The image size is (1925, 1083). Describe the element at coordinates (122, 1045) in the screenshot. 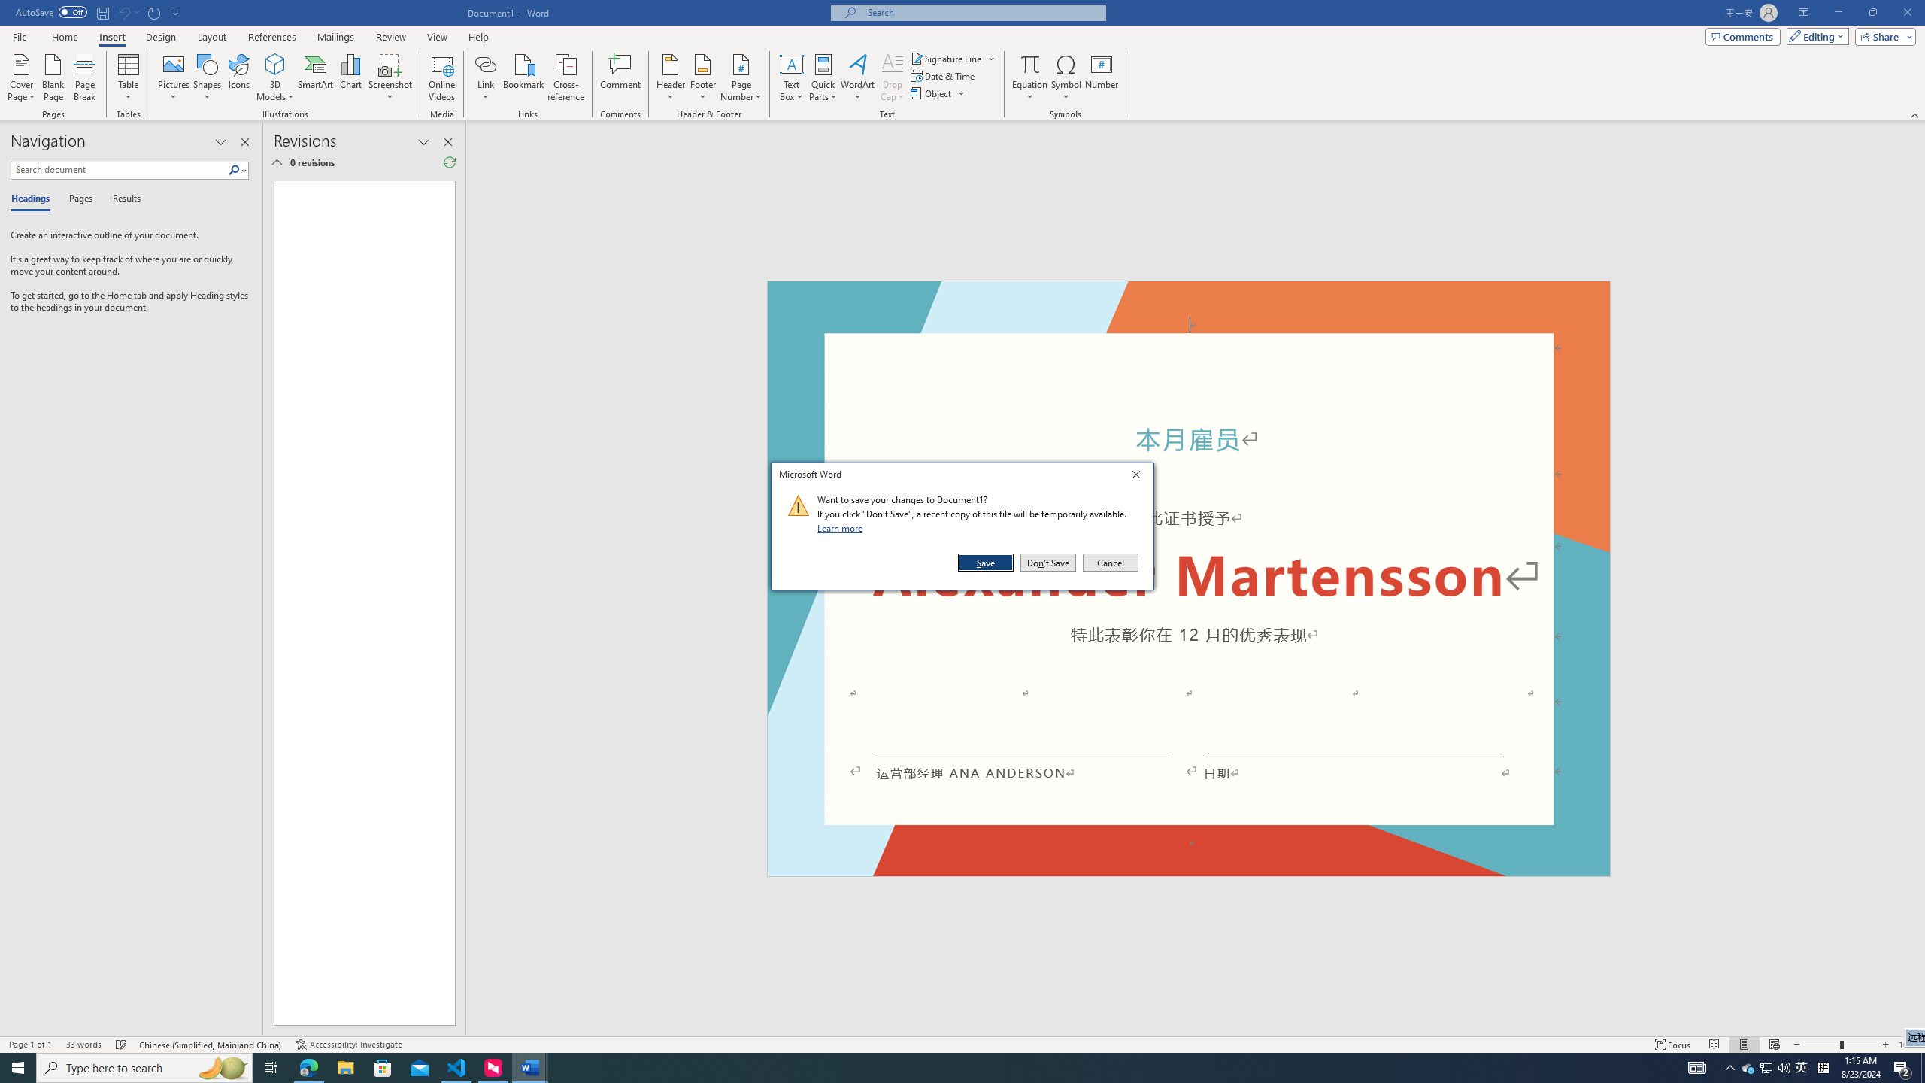

I see `'Spelling and Grammar Check Checking'` at that location.